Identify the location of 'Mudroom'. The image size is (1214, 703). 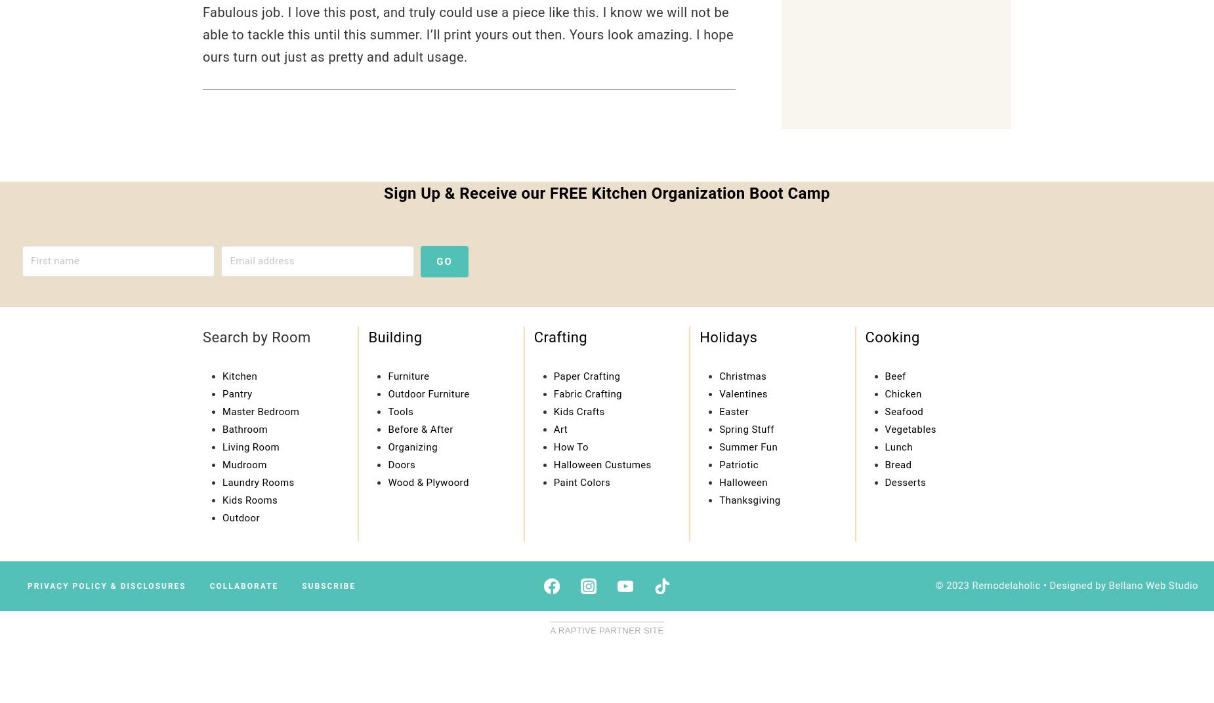
(243, 463).